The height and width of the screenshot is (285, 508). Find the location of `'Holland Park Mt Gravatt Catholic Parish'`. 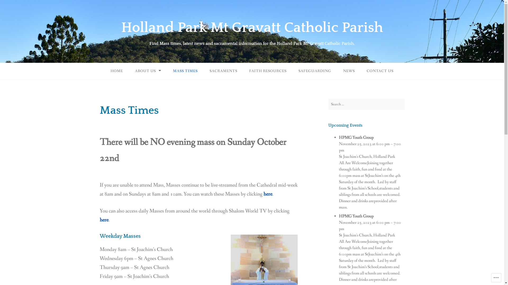

'Holland Park Mt Gravatt Catholic Parish' is located at coordinates (252, 27).